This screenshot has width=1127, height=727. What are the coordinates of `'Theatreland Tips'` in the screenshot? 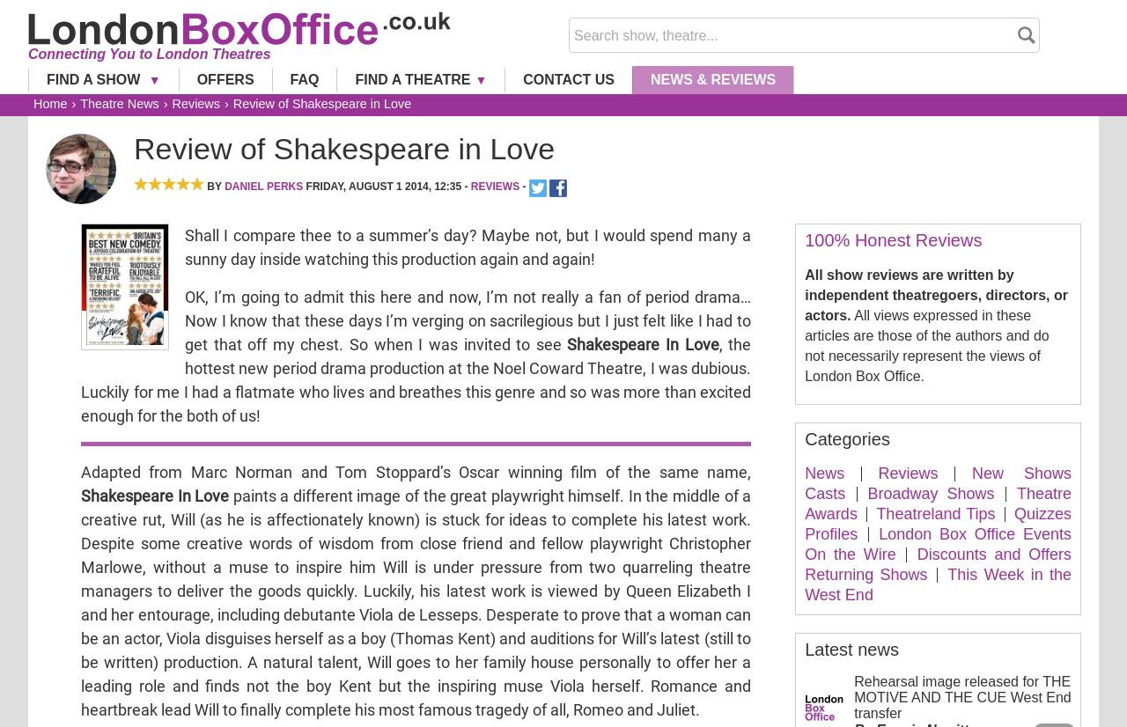 It's located at (934, 511).